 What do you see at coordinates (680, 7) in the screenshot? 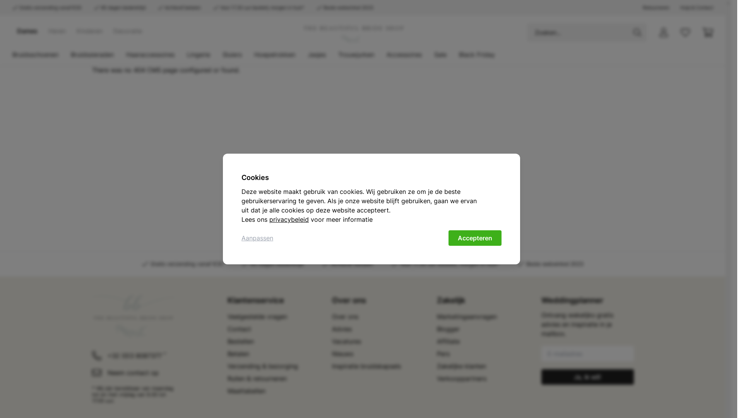
I see `'Hulp & Contact'` at bounding box center [680, 7].